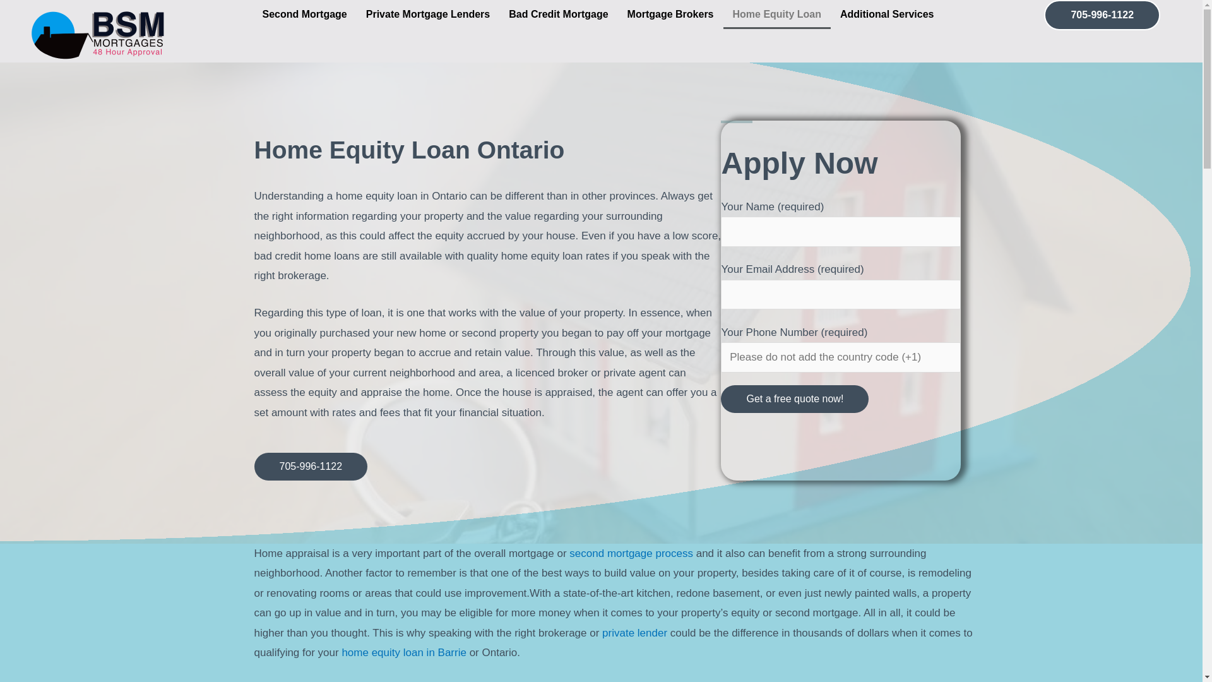 The image size is (1212, 682). I want to click on 'Private Mortgage Lenders', so click(428, 15).